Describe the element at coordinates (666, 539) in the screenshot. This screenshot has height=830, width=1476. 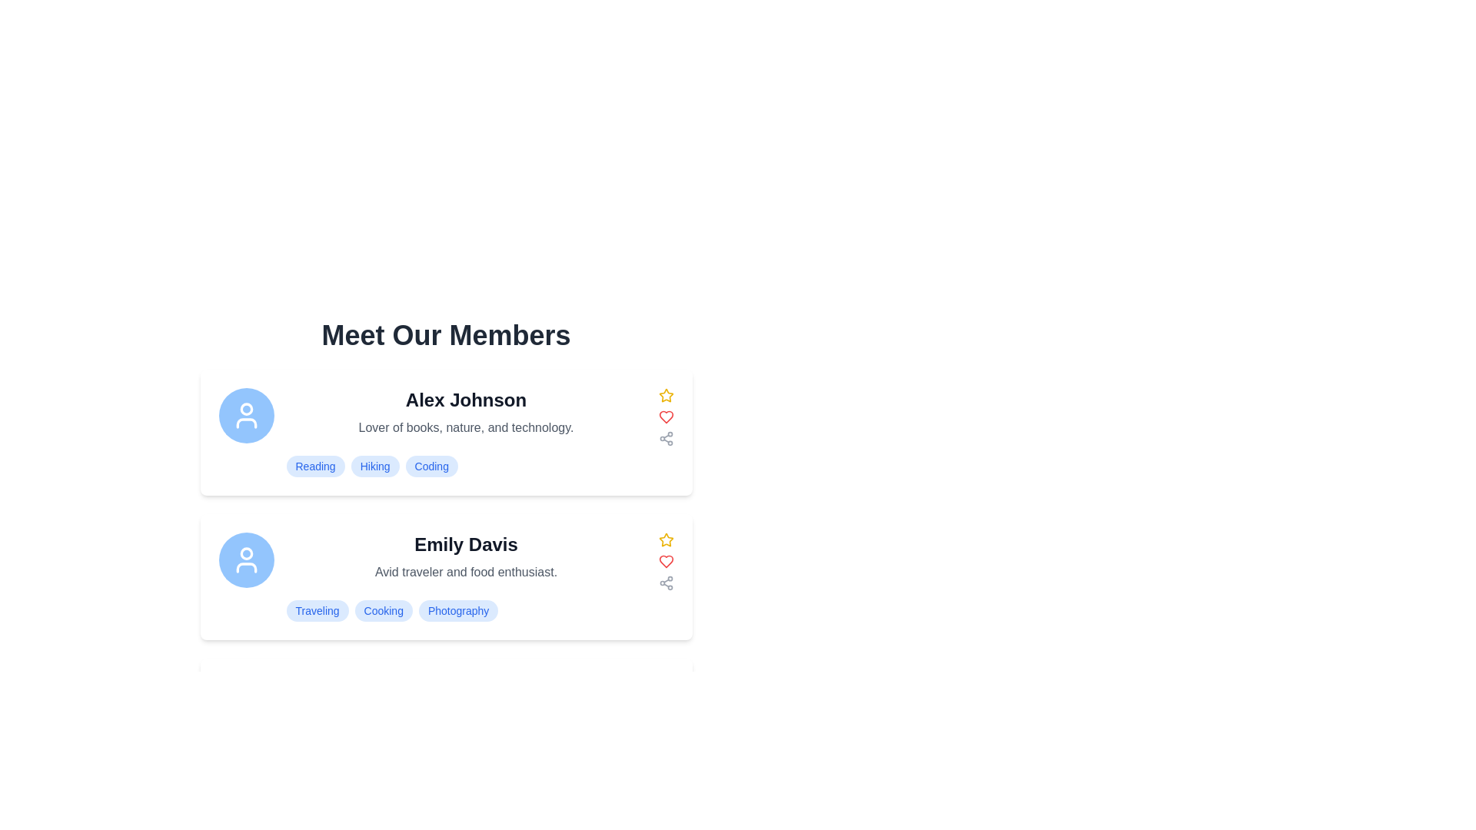
I see `the star icon for Emily Davis to mark them as favorite` at that location.